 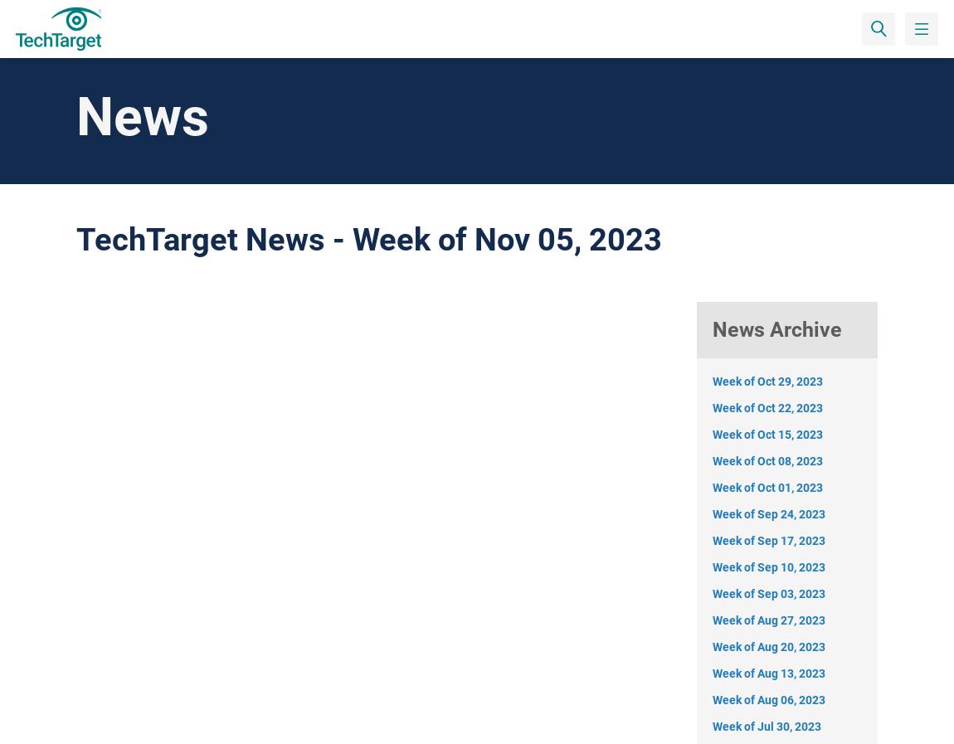 I want to click on 'Week of Oct 15, 2023', so click(x=767, y=434).